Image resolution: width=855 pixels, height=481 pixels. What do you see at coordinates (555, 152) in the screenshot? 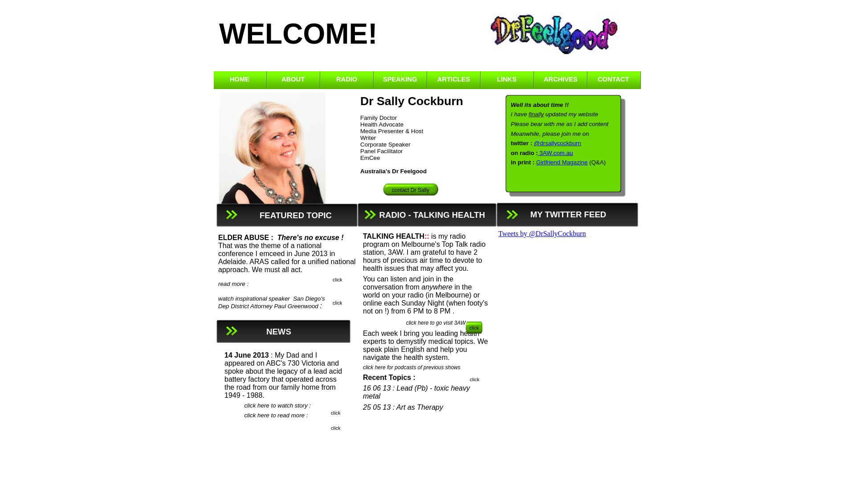
I see `'3AW.com.au'` at bounding box center [555, 152].